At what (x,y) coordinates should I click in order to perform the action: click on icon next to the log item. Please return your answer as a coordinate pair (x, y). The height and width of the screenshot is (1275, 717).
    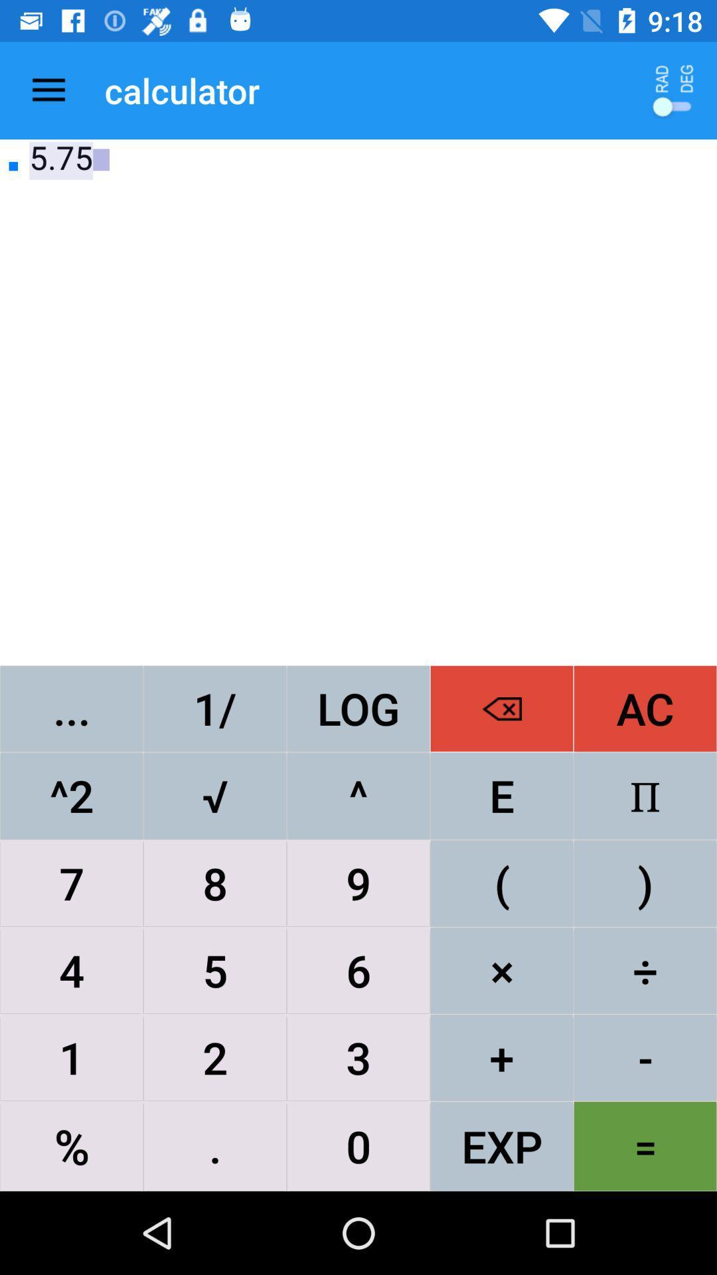
    Looking at the image, I should click on (502, 708).